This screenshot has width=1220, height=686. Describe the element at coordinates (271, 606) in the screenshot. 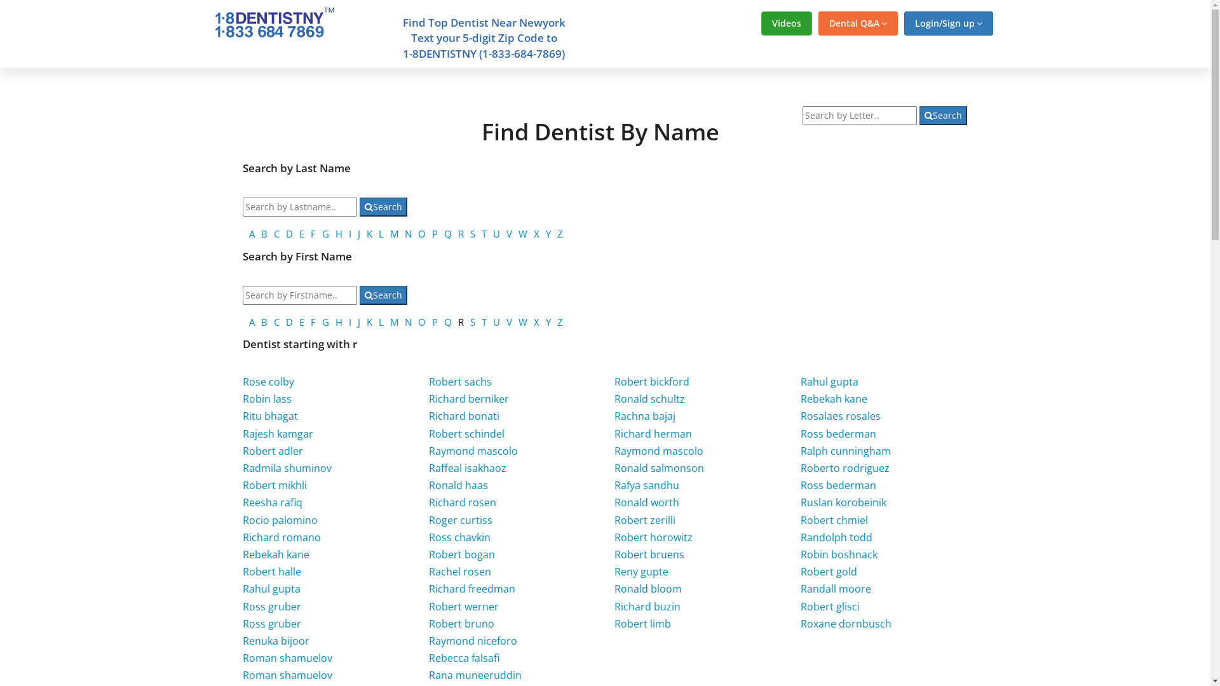

I see `'Ross gruber'` at that location.